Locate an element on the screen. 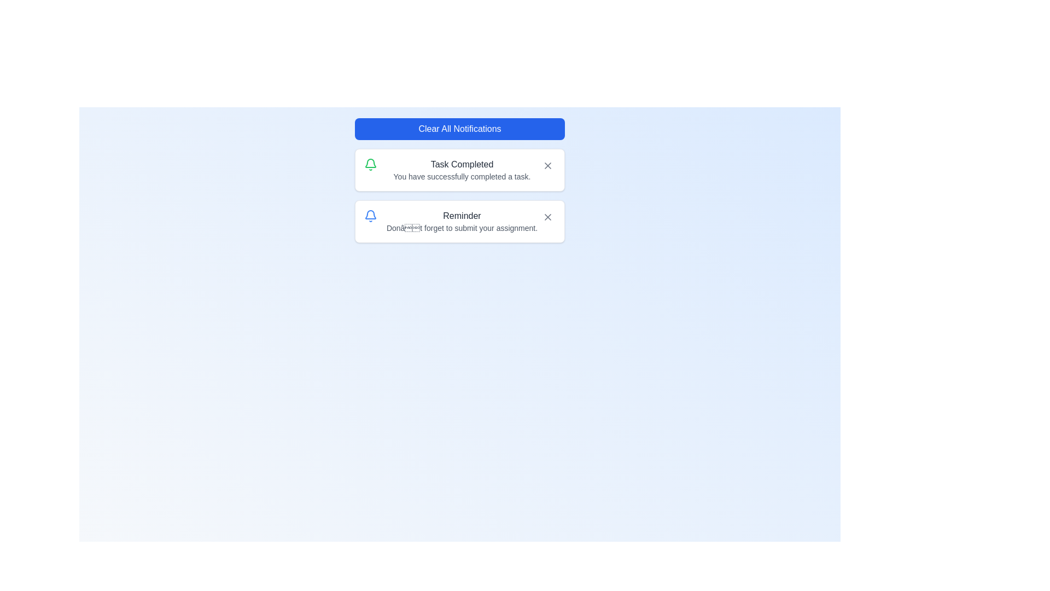  text content of the 'Reminder' text element, which is displayed in a medium-weight gray font inside a notification card, positioned below the 'Clear All Notifications' button is located at coordinates (462, 216).